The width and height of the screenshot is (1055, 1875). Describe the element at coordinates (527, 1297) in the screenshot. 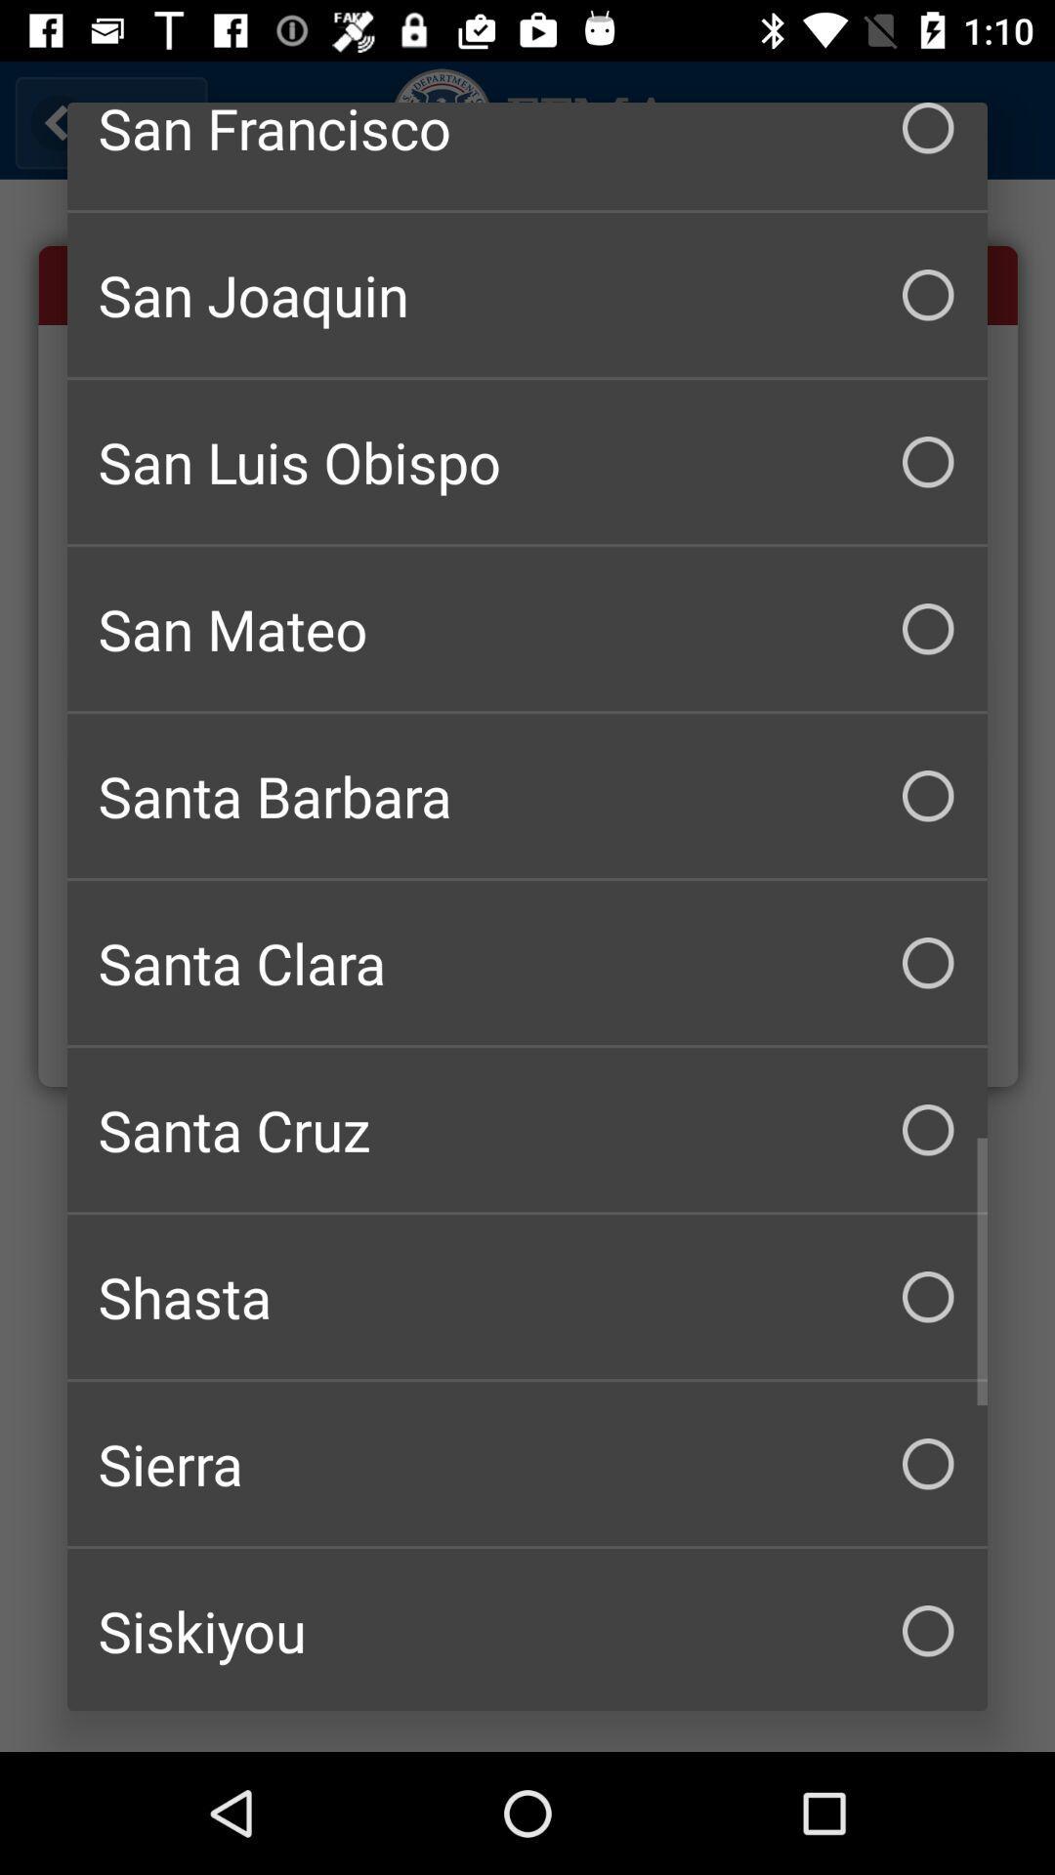

I see `the item above sierra` at that location.